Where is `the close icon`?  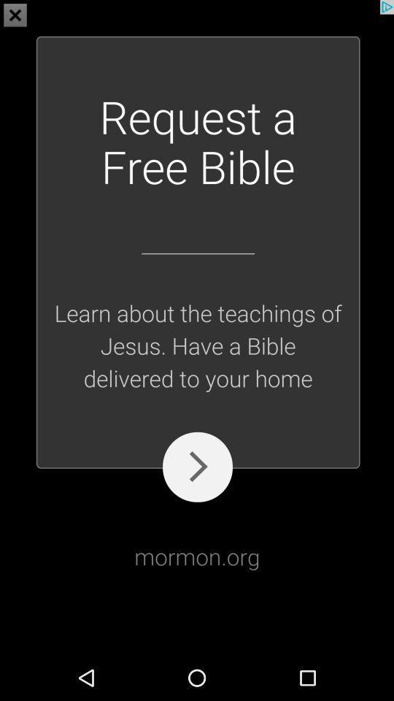
the close icon is located at coordinates (15, 15).